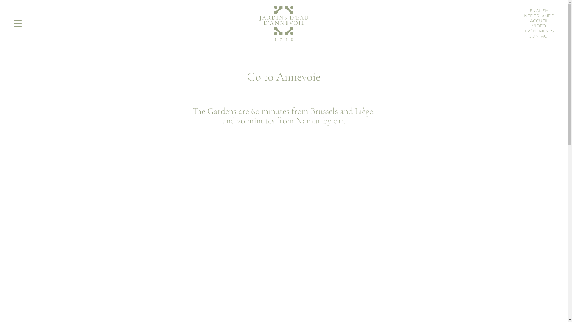 Image resolution: width=572 pixels, height=322 pixels. What do you see at coordinates (18, 23) in the screenshot?
I see `'Toggle navigation'` at bounding box center [18, 23].